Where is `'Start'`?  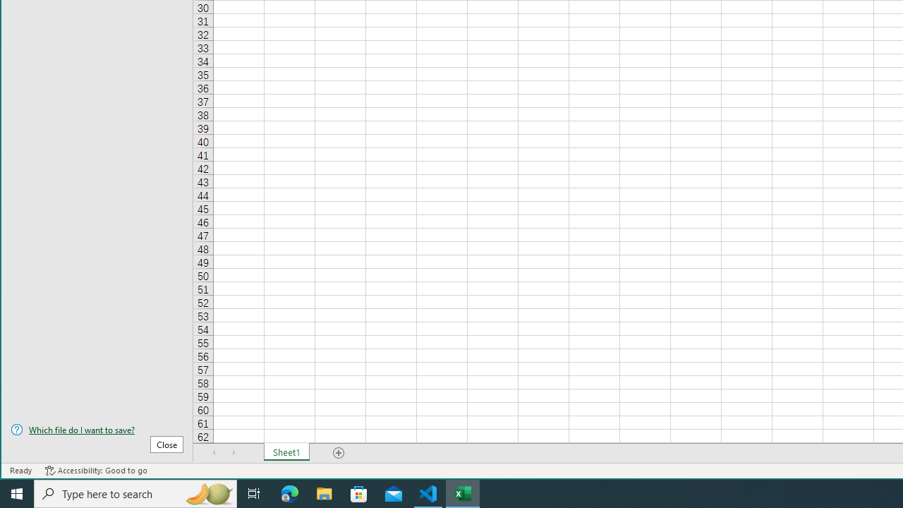 'Start' is located at coordinates (17, 492).